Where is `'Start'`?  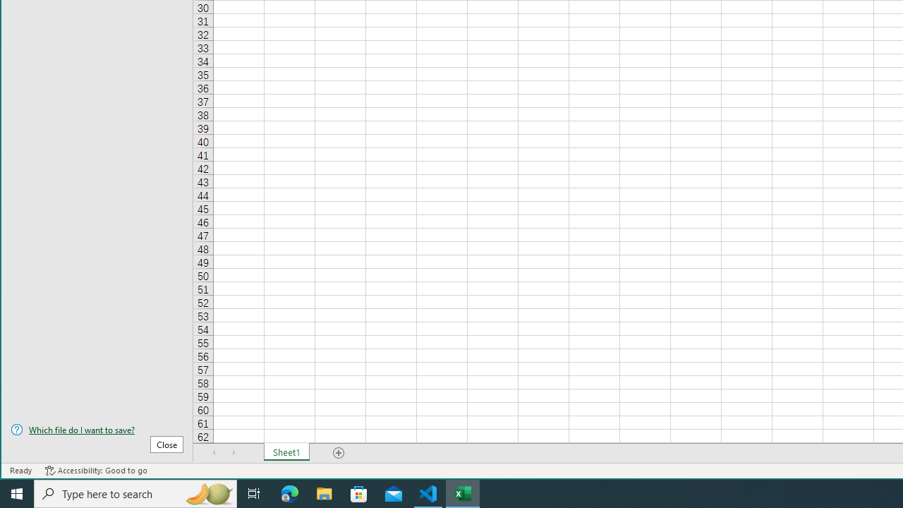 'Start' is located at coordinates (17, 492).